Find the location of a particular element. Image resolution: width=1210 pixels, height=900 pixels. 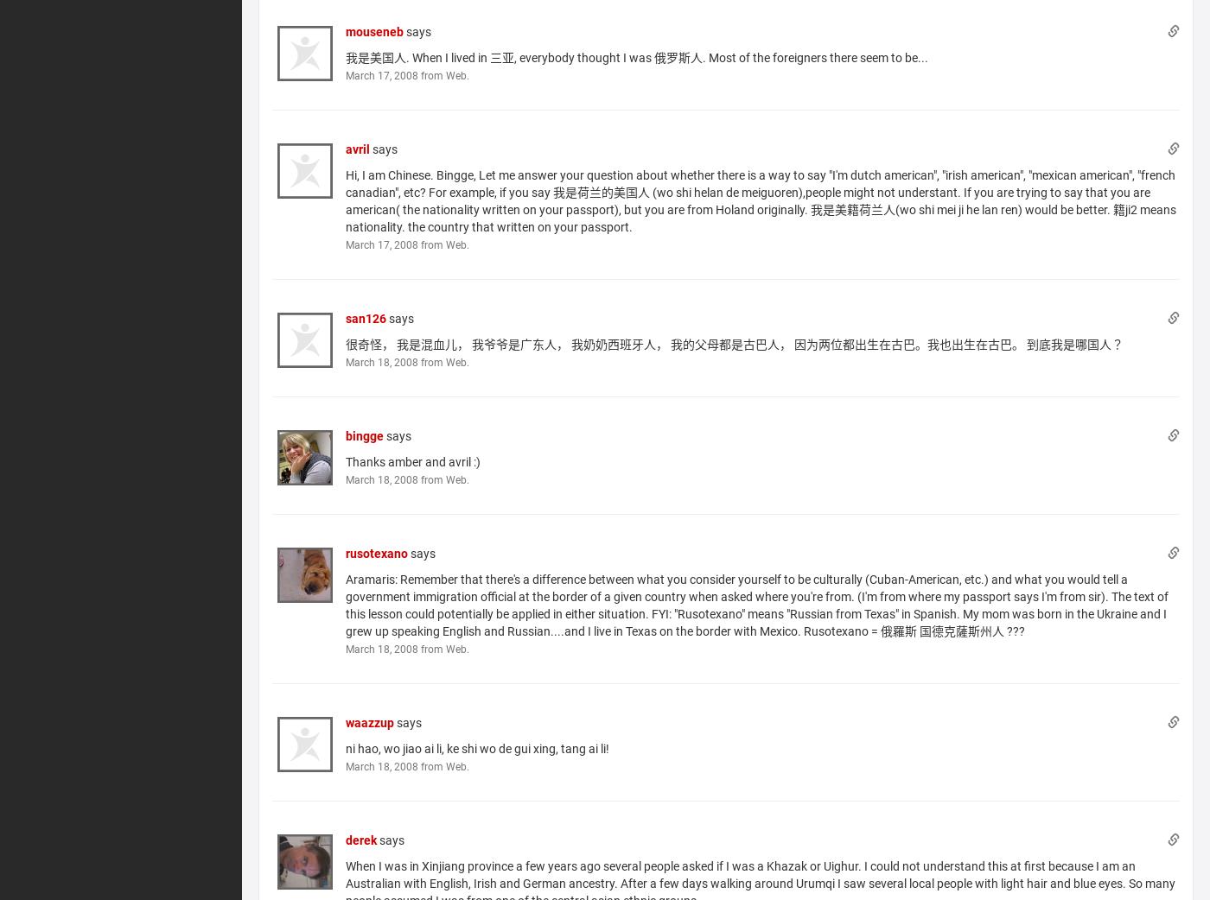

'Thanks amber and avril :)' is located at coordinates (411, 460).